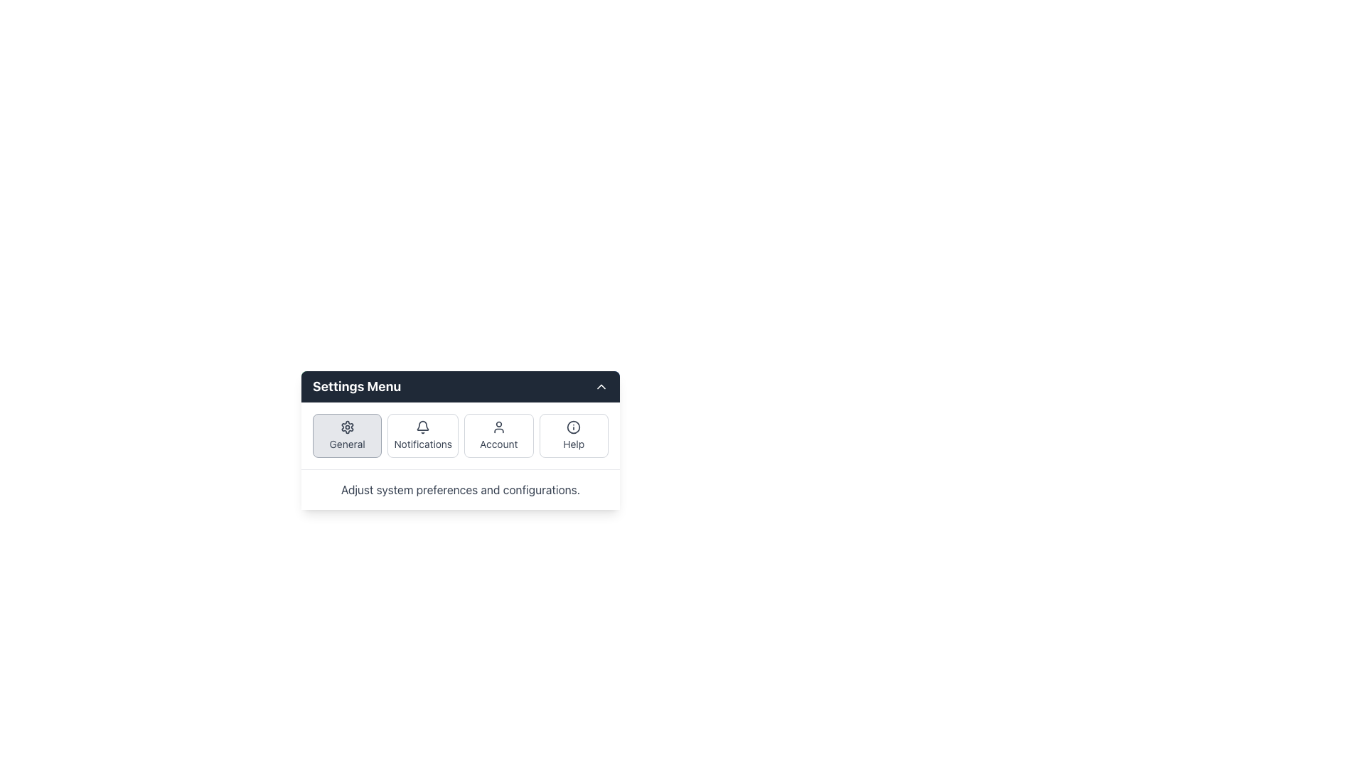  What do you see at coordinates (574, 435) in the screenshot?
I see `the fourth button in the horizontal list of buttons within the 'Settings Menu' panel` at bounding box center [574, 435].